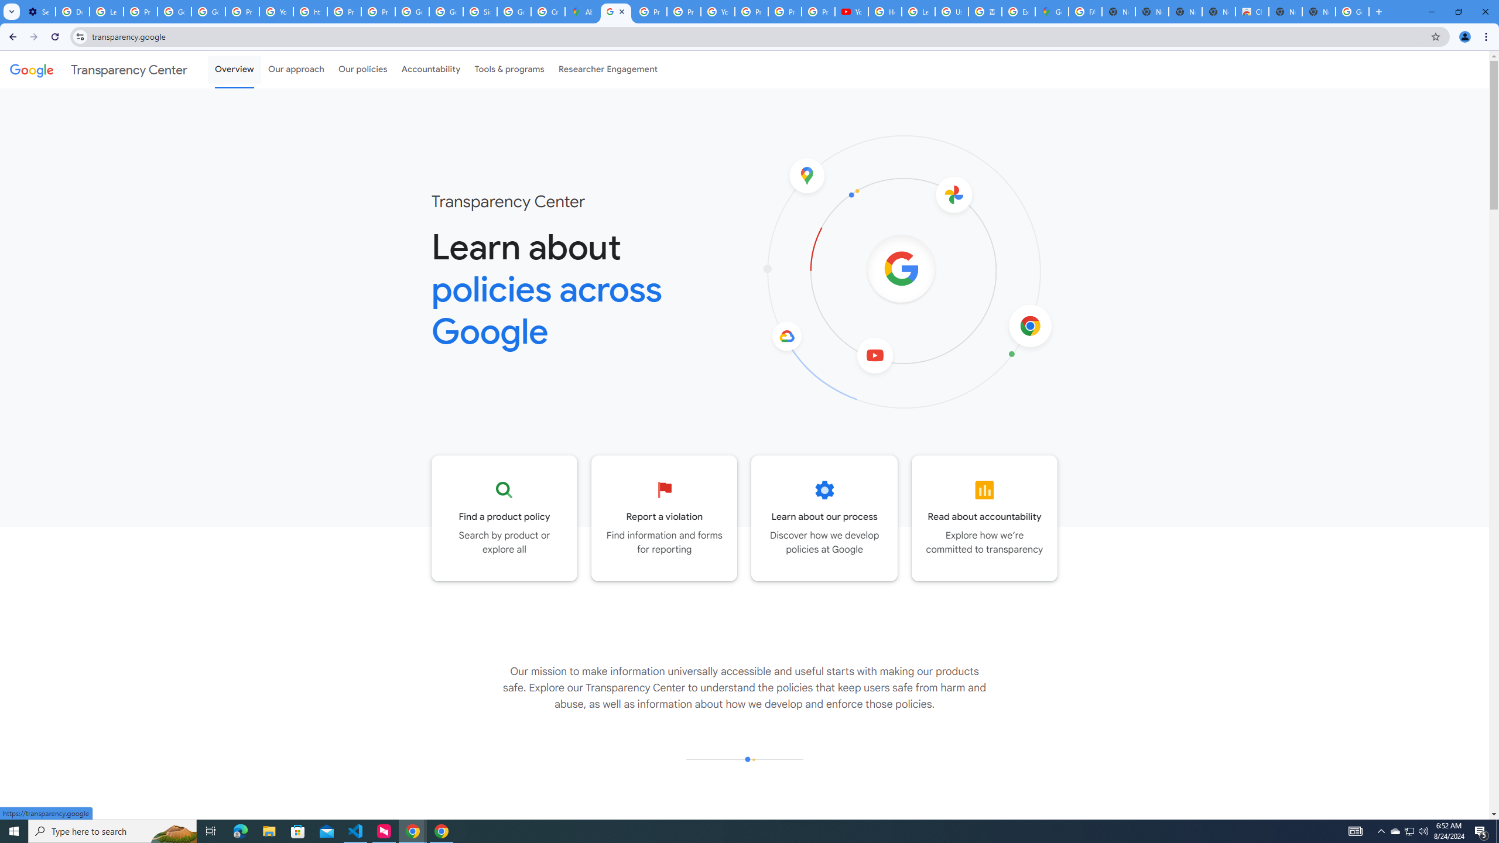 The width and height of the screenshot is (1499, 843). I want to click on 'Researcher Engagement', so click(608, 69).